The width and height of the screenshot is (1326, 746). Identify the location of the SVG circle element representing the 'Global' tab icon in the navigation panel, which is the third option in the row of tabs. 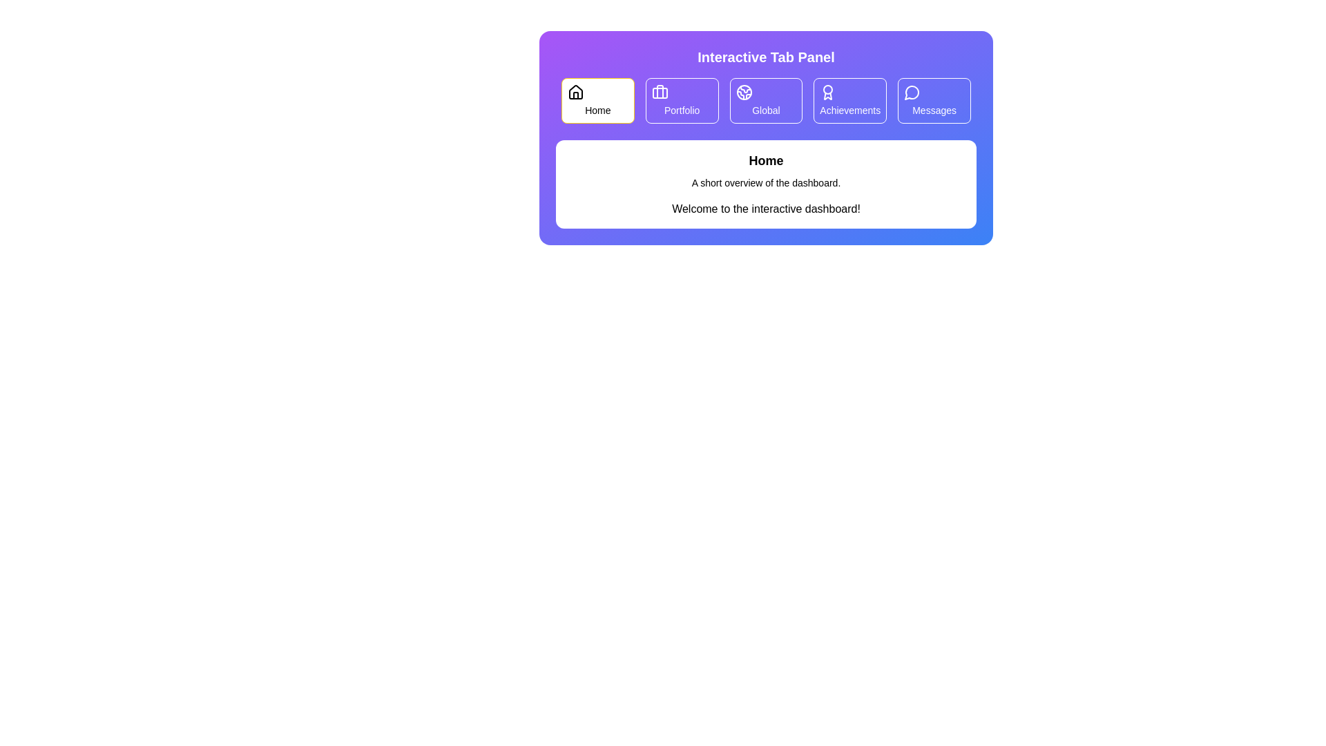
(743, 93).